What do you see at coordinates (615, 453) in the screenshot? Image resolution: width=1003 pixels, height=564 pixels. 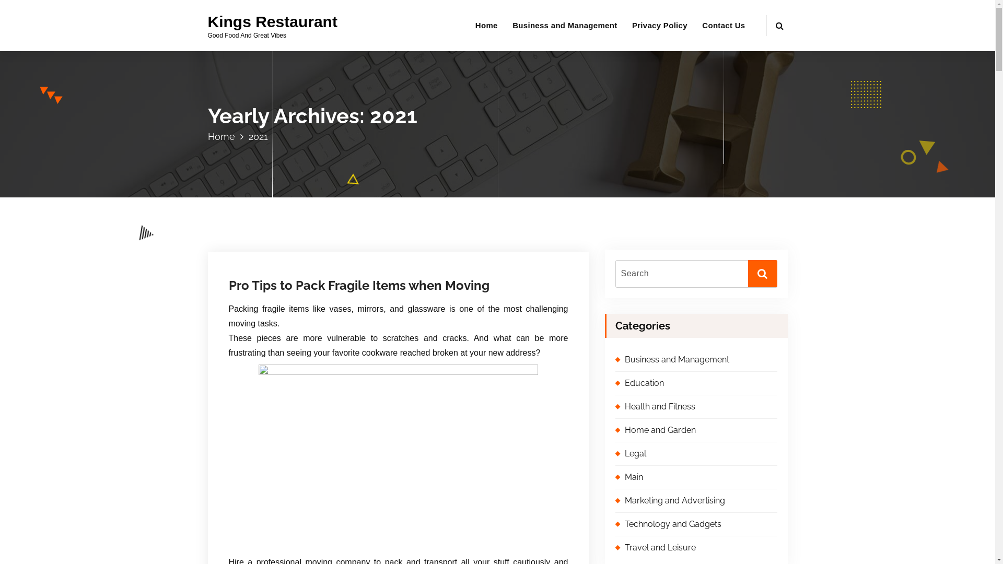 I see `'Legal'` at bounding box center [615, 453].